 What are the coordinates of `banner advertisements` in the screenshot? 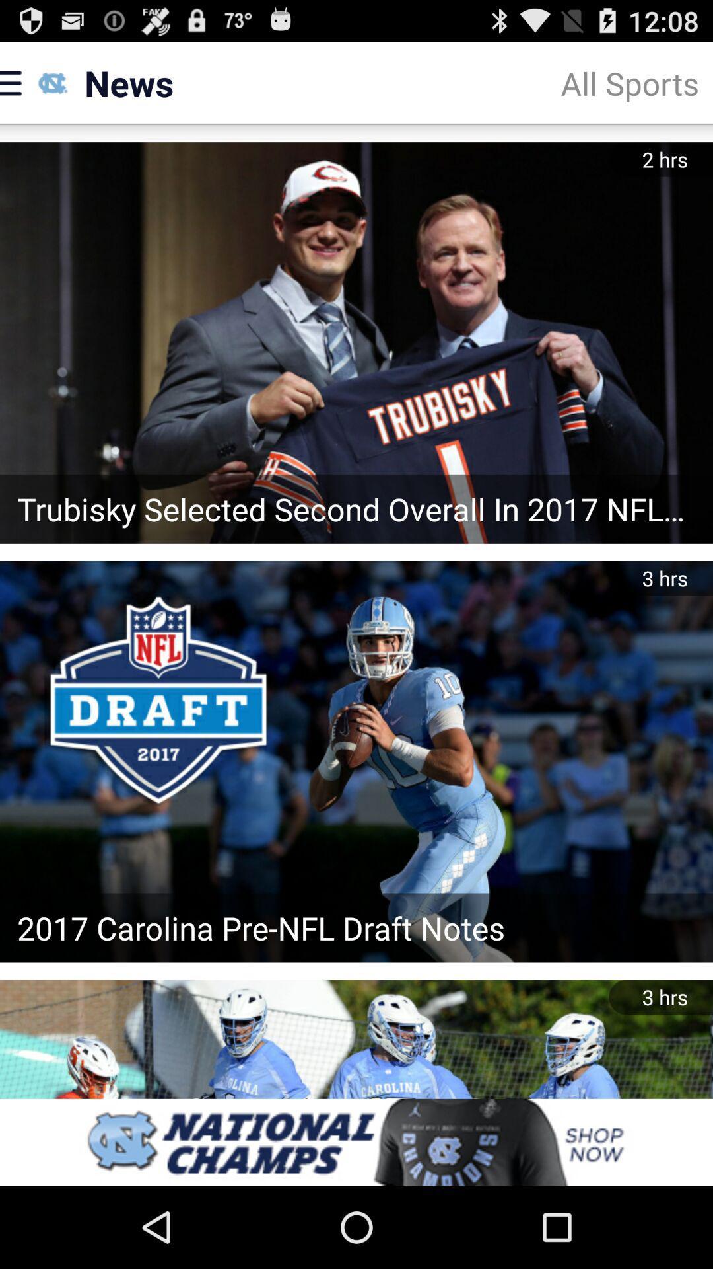 It's located at (356, 1141).